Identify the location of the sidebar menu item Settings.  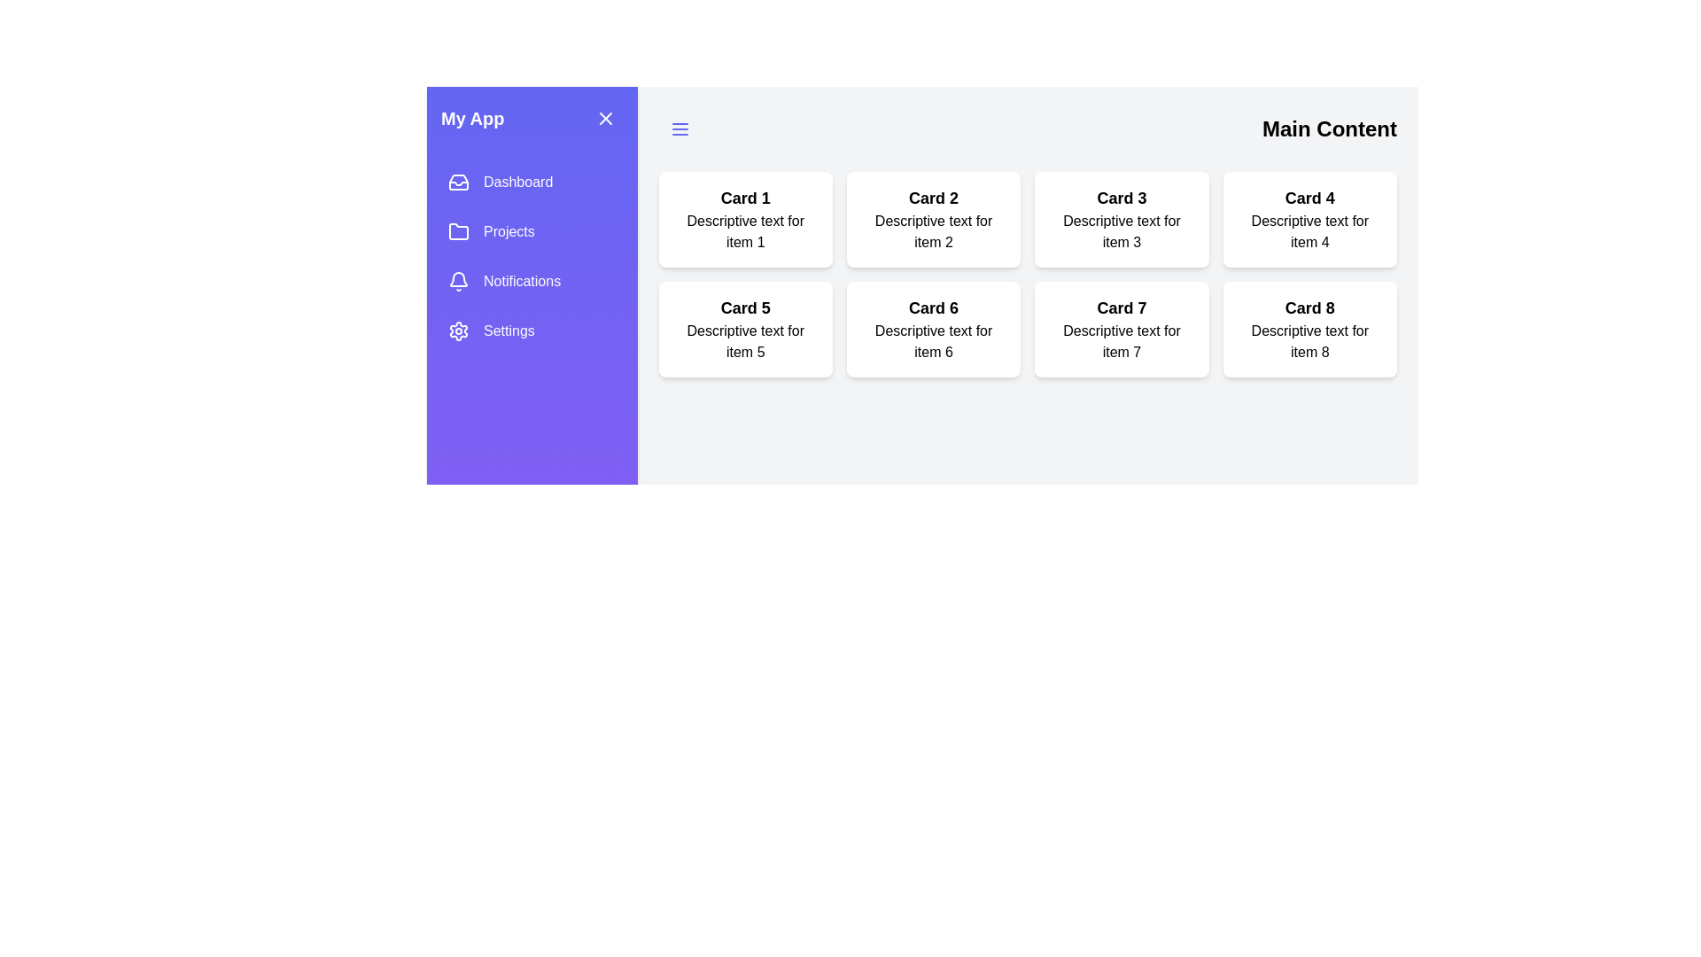
(531, 331).